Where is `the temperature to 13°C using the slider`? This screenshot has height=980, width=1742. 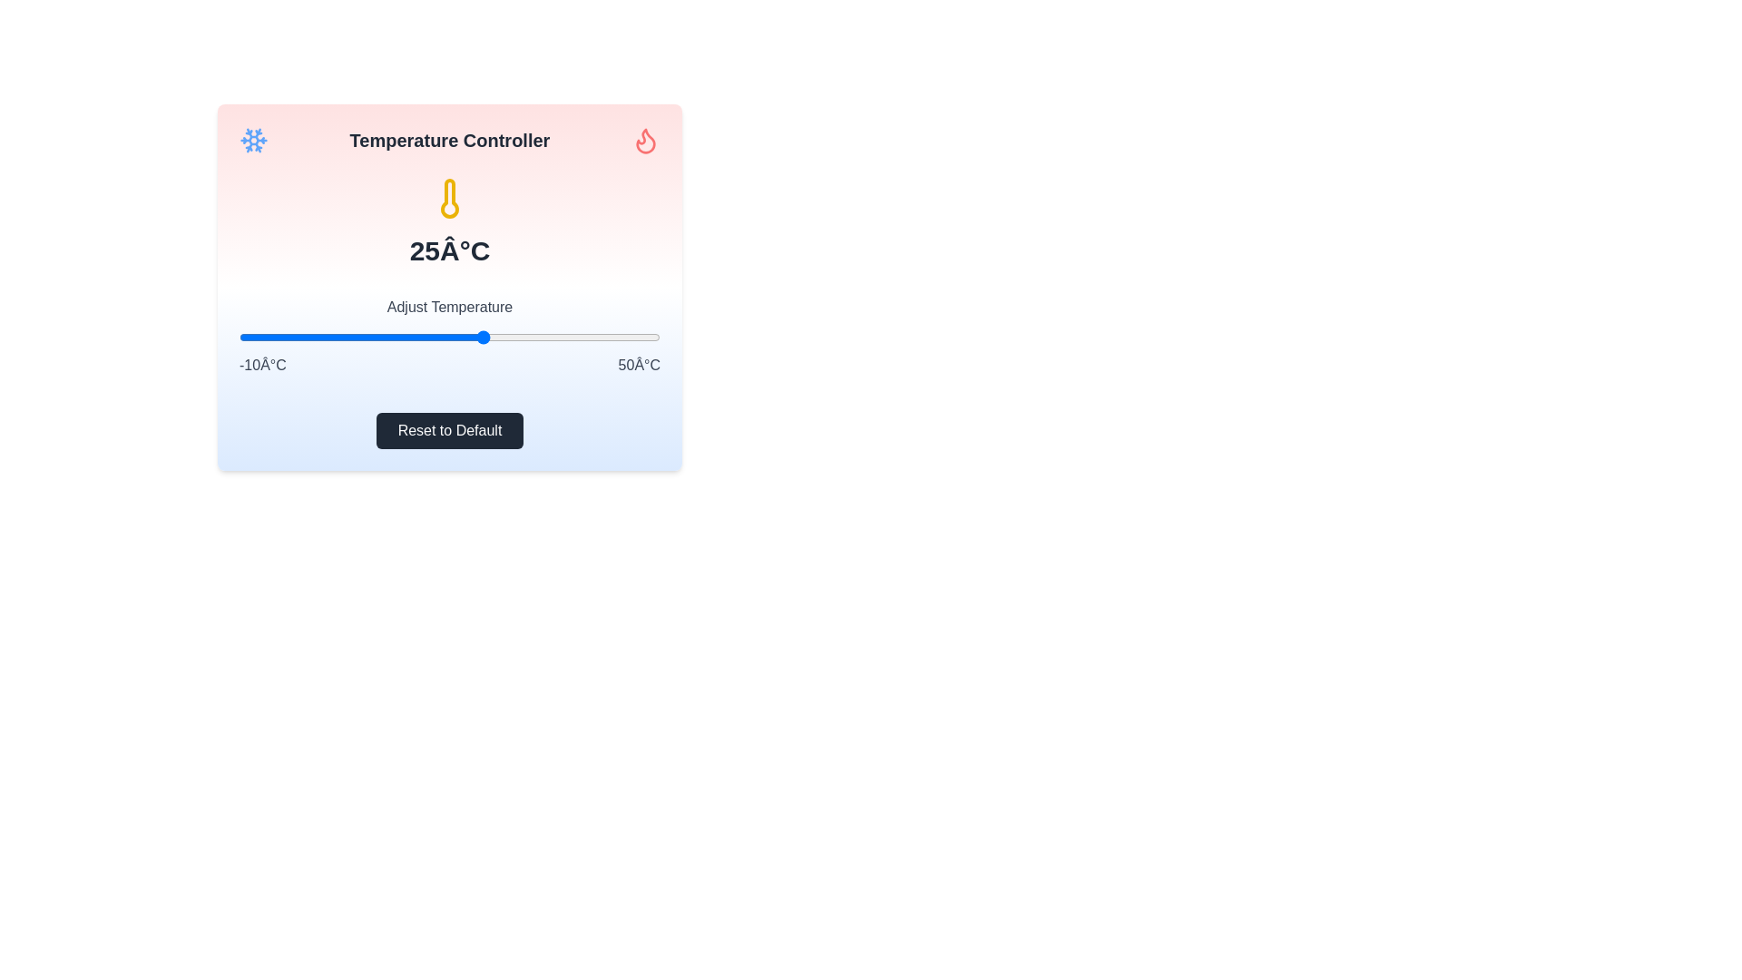 the temperature to 13°C using the slider is located at coordinates (399, 337).